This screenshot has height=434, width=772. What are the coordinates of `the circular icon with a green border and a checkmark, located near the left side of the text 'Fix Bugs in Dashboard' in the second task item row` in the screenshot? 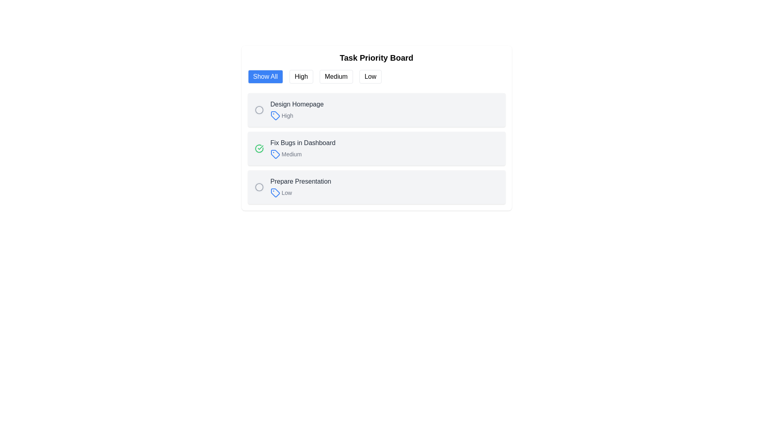 It's located at (259, 149).